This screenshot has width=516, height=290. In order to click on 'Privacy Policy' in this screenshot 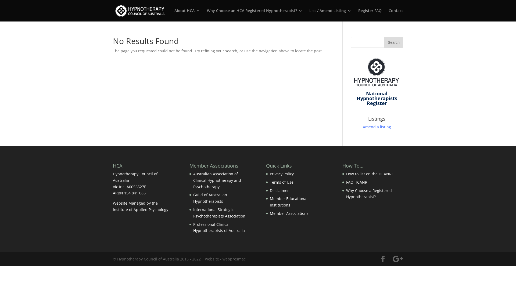, I will do `click(281, 174)`.